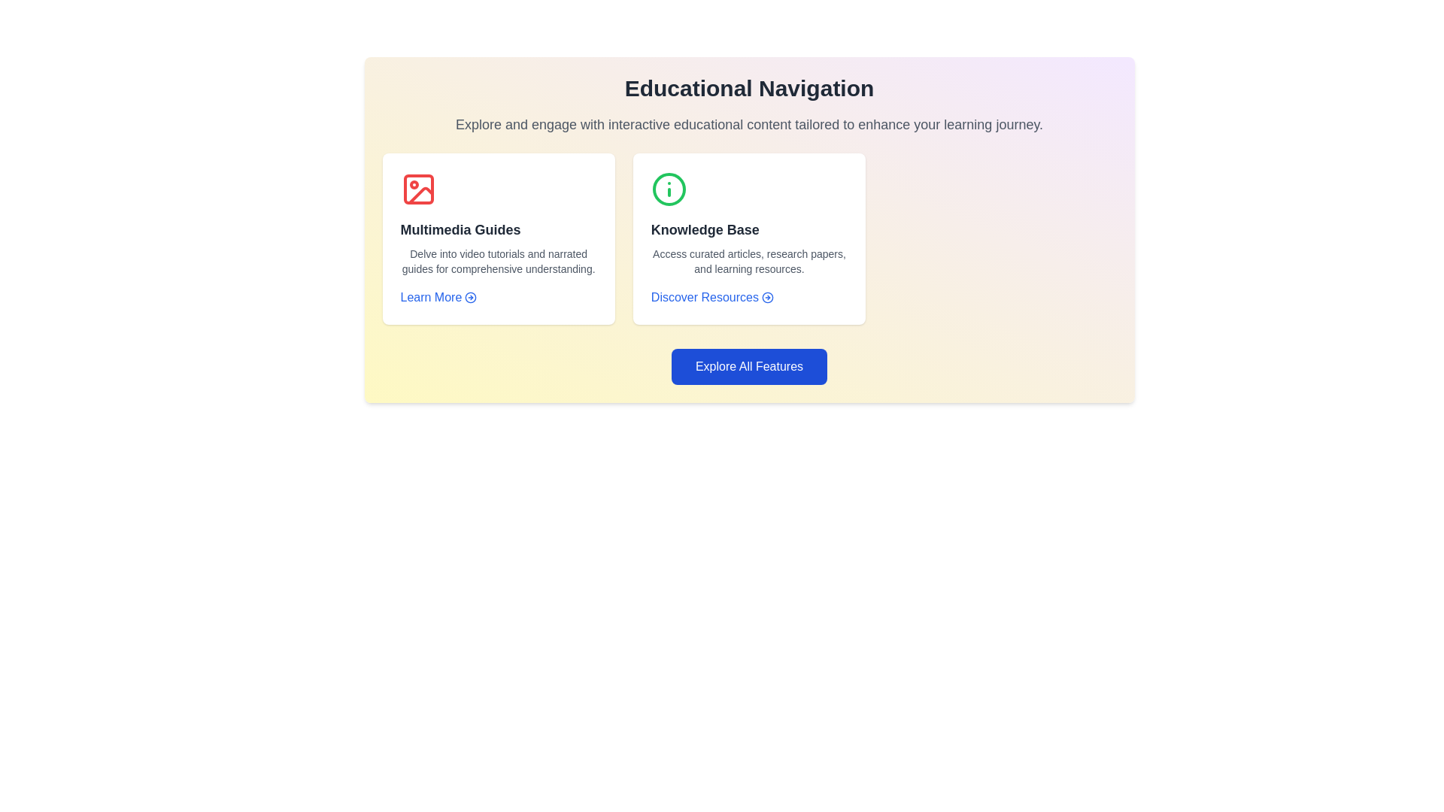 The height and width of the screenshot is (812, 1444). Describe the element at coordinates (470, 298) in the screenshot. I see `the SVG circle graphic element with a radius of 10 located in the center-right region of the 'Multimedia Guides' card` at that location.